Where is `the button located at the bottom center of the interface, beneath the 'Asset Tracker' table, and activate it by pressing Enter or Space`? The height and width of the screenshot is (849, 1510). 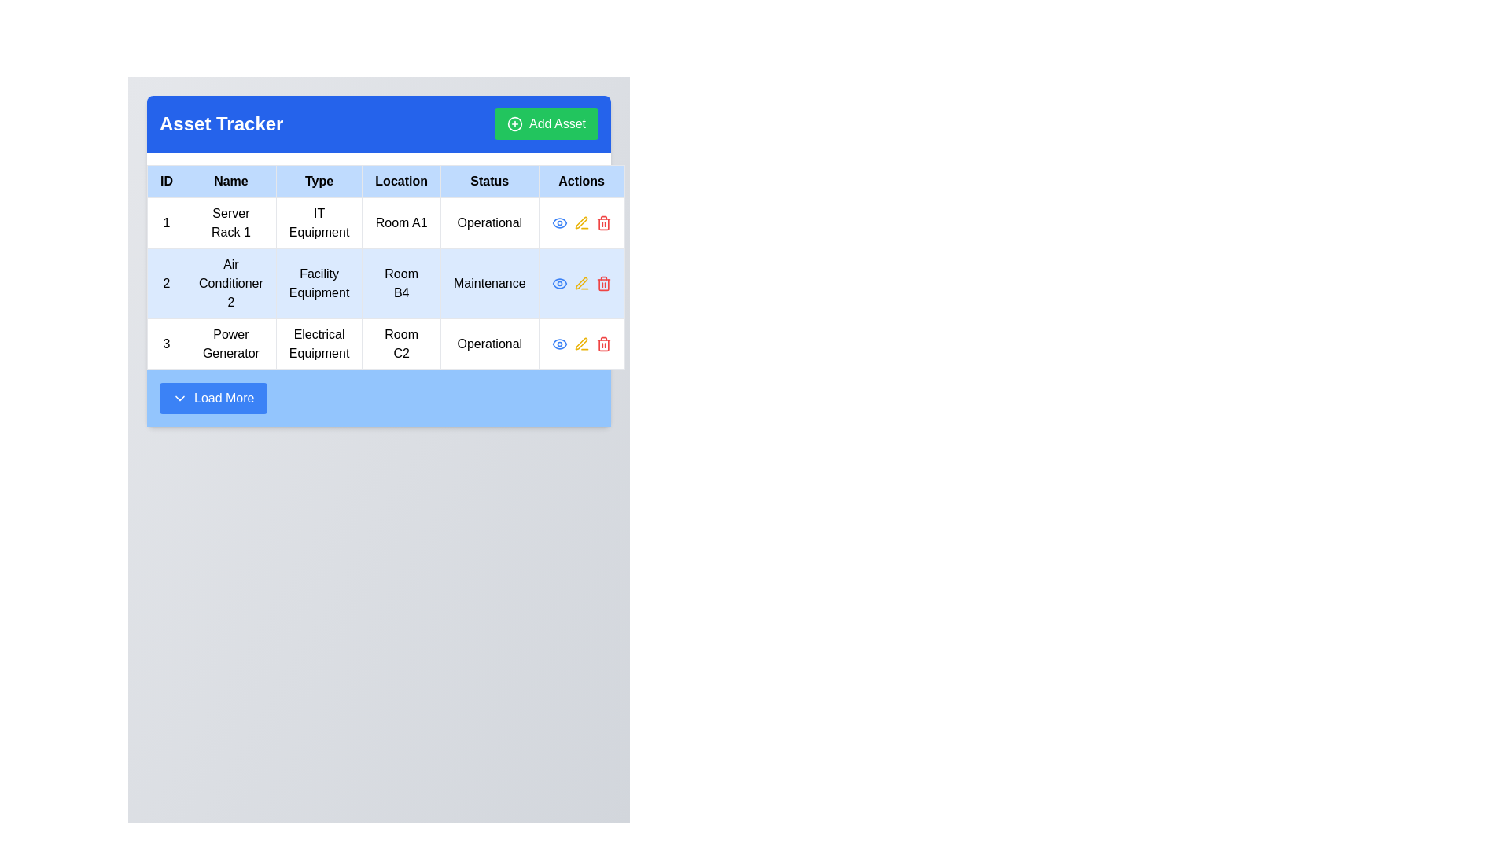 the button located at the bottom center of the interface, beneath the 'Asset Tracker' table, and activate it by pressing Enter or Space is located at coordinates (212, 397).